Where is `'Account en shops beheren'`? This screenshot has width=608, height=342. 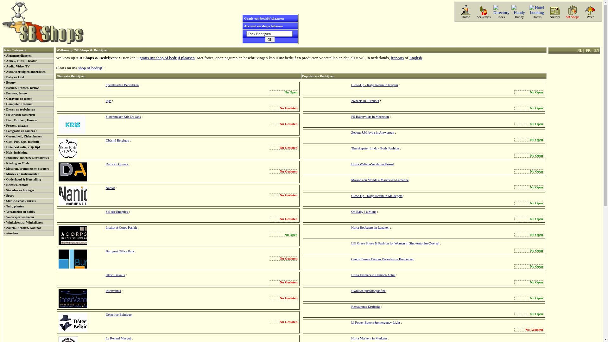 'Account en shops beheren' is located at coordinates (243, 25).